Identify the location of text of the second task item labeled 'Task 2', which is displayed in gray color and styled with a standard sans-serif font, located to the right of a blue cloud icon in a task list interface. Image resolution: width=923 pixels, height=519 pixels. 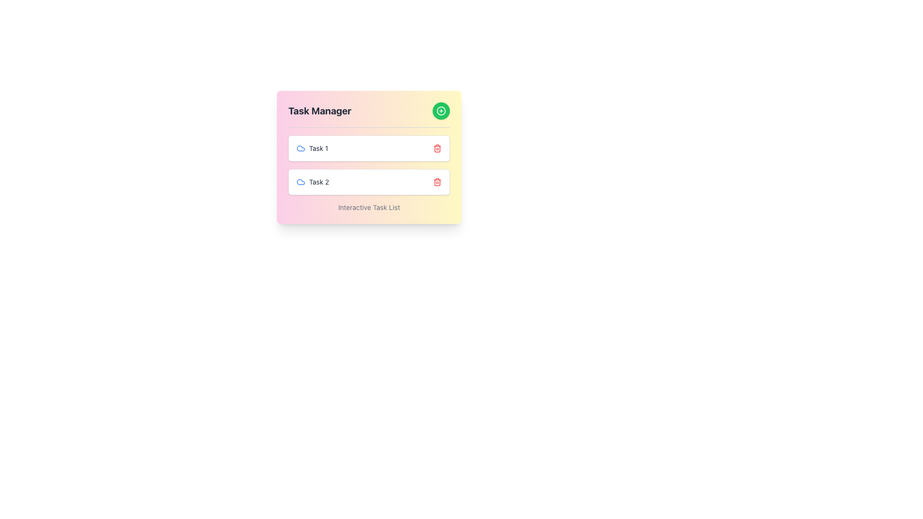
(312, 182).